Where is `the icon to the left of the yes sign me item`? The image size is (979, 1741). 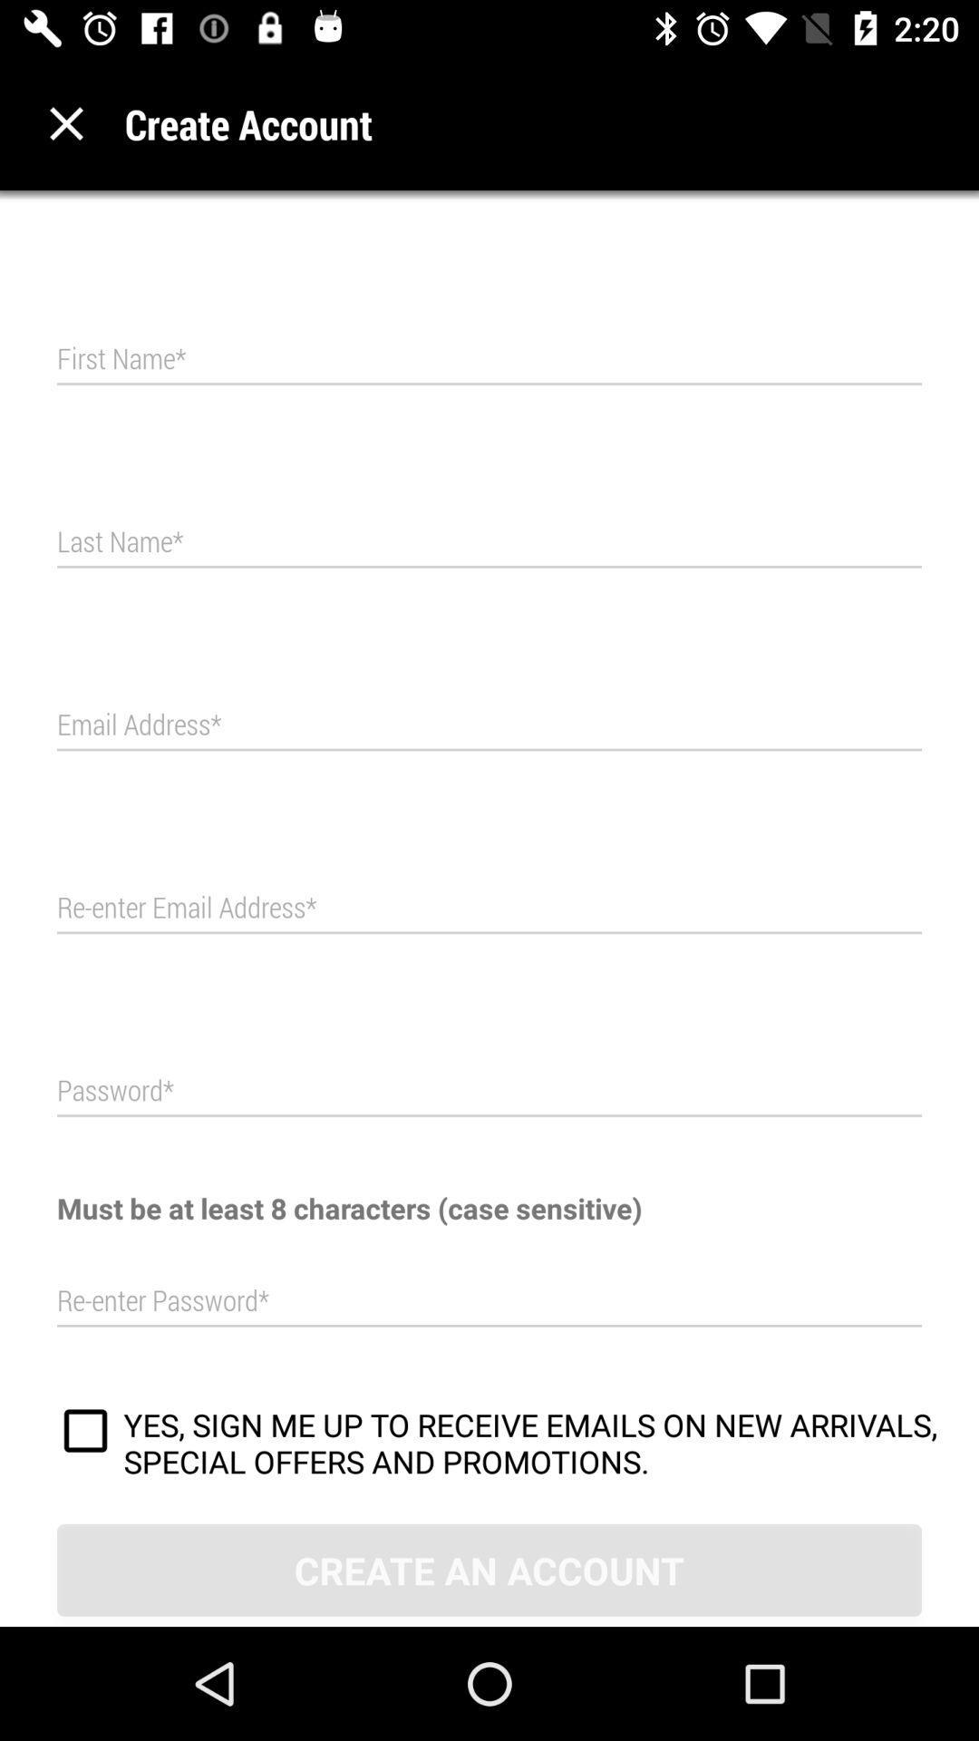
the icon to the left of the yes sign me item is located at coordinates (85, 1433).